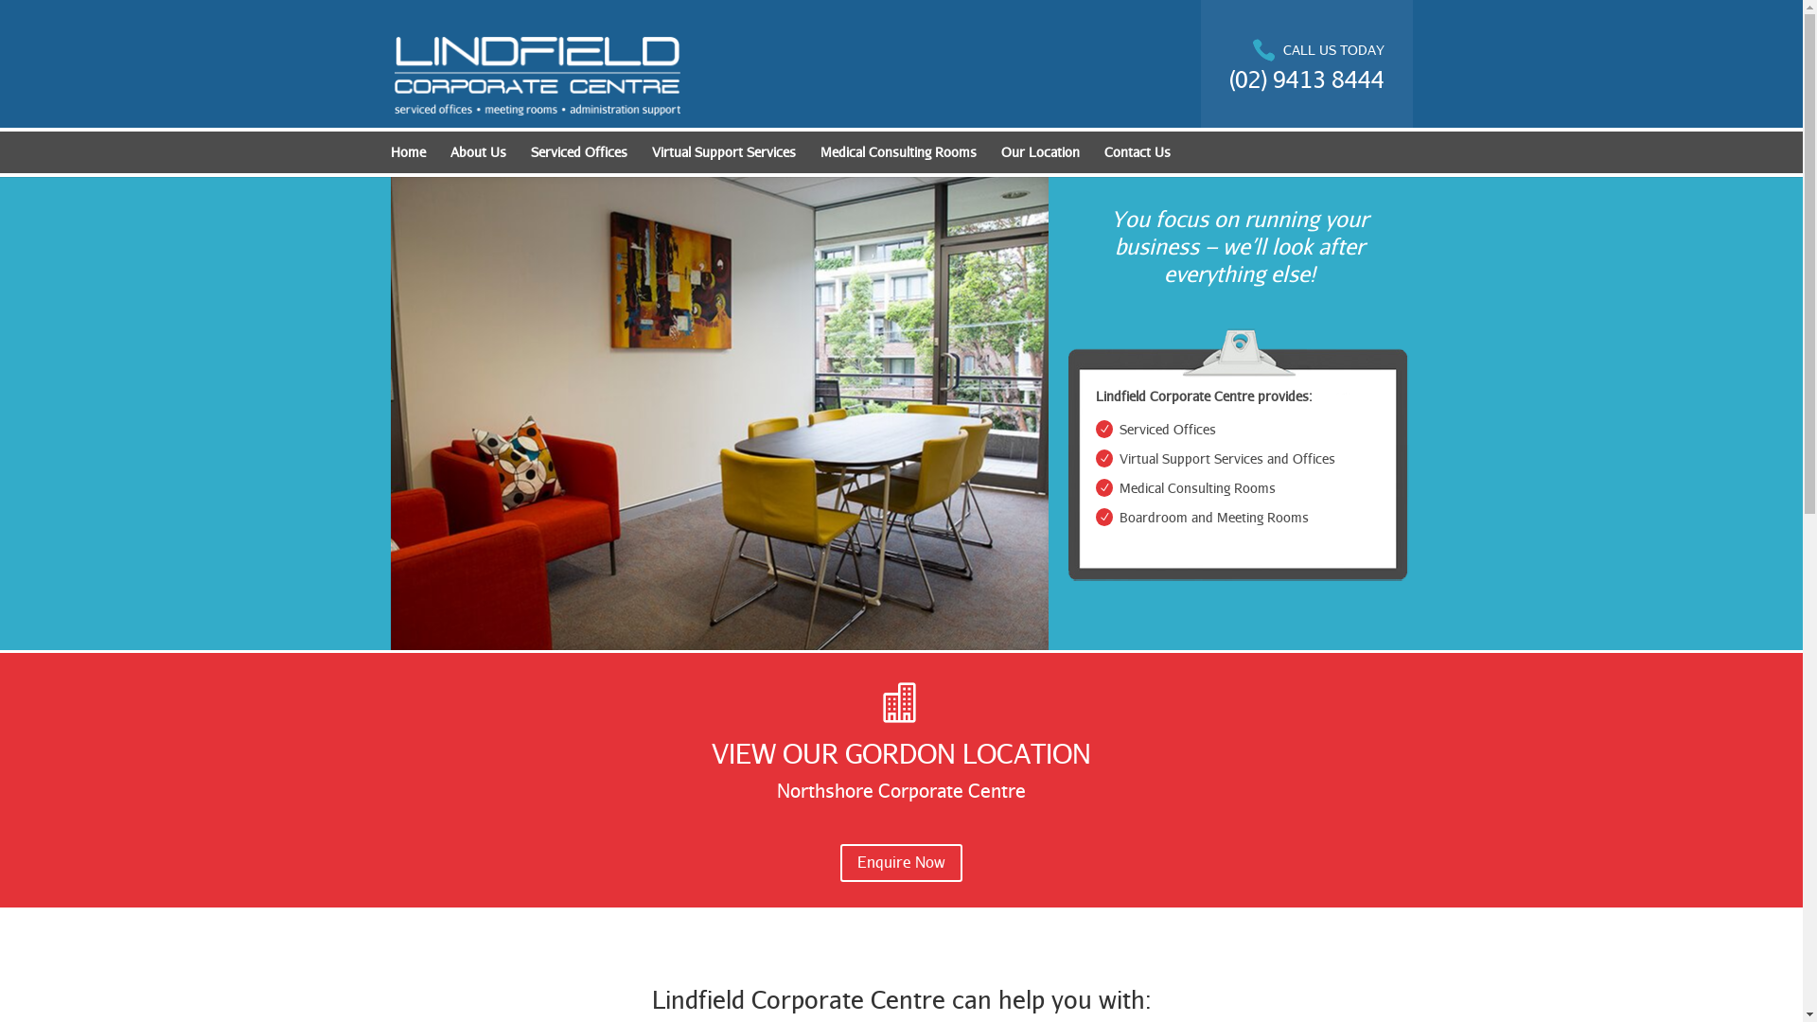 This screenshot has width=1817, height=1022. What do you see at coordinates (900, 751) in the screenshot?
I see `'VIEW OUR GORDON LOCATION'` at bounding box center [900, 751].